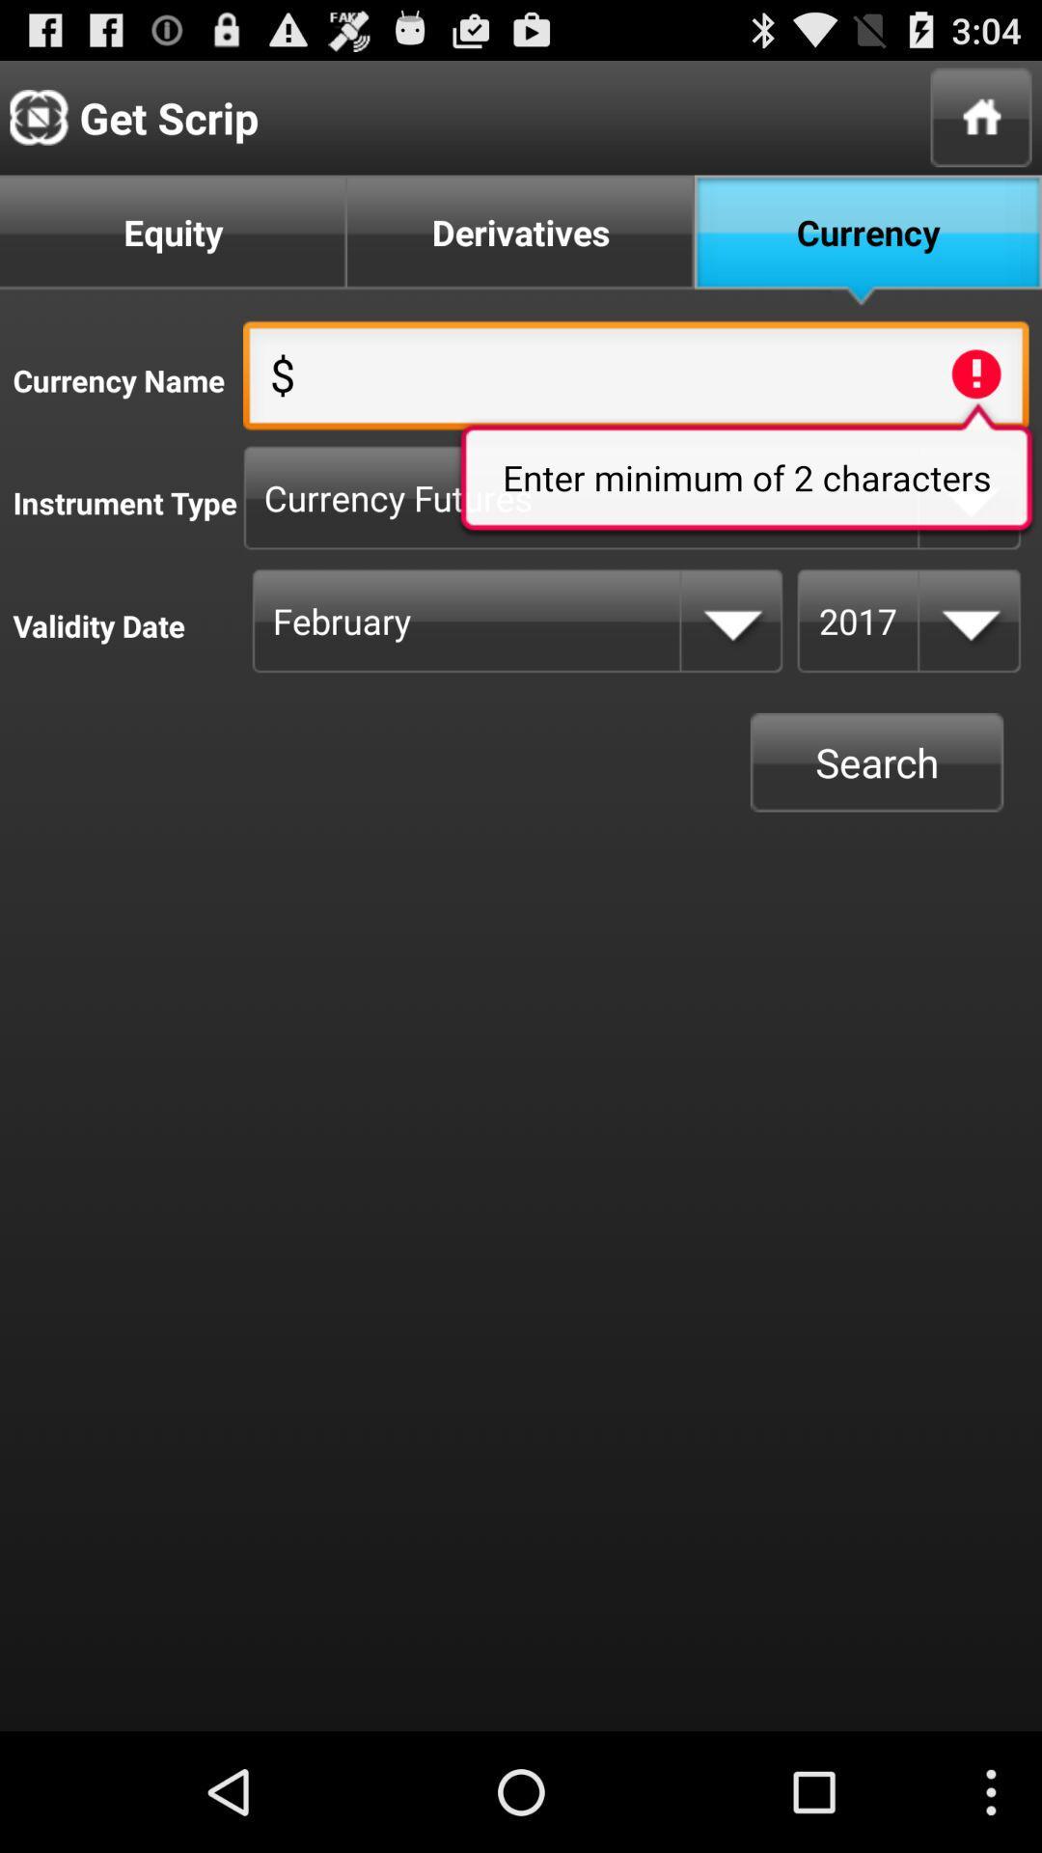  What do you see at coordinates (636, 380) in the screenshot?
I see `the first text field on the web page` at bounding box center [636, 380].